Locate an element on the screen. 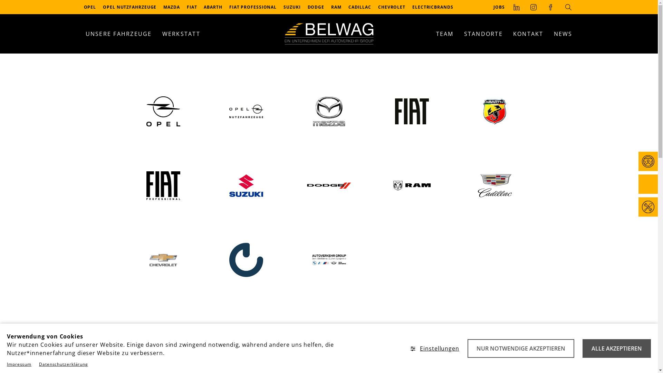 Image resolution: width=663 pixels, height=373 pixels. 'Cadillac' is located at coordinates (494, 185).